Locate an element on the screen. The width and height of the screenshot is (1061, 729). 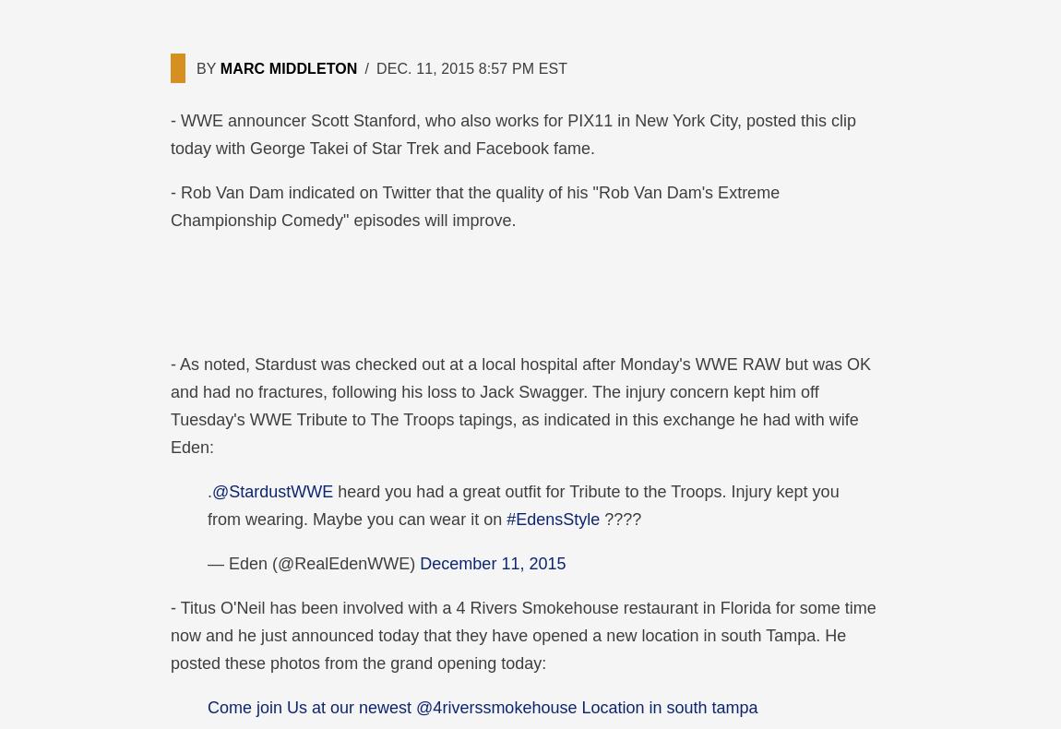
'.' is located at coordinates (209, 491).